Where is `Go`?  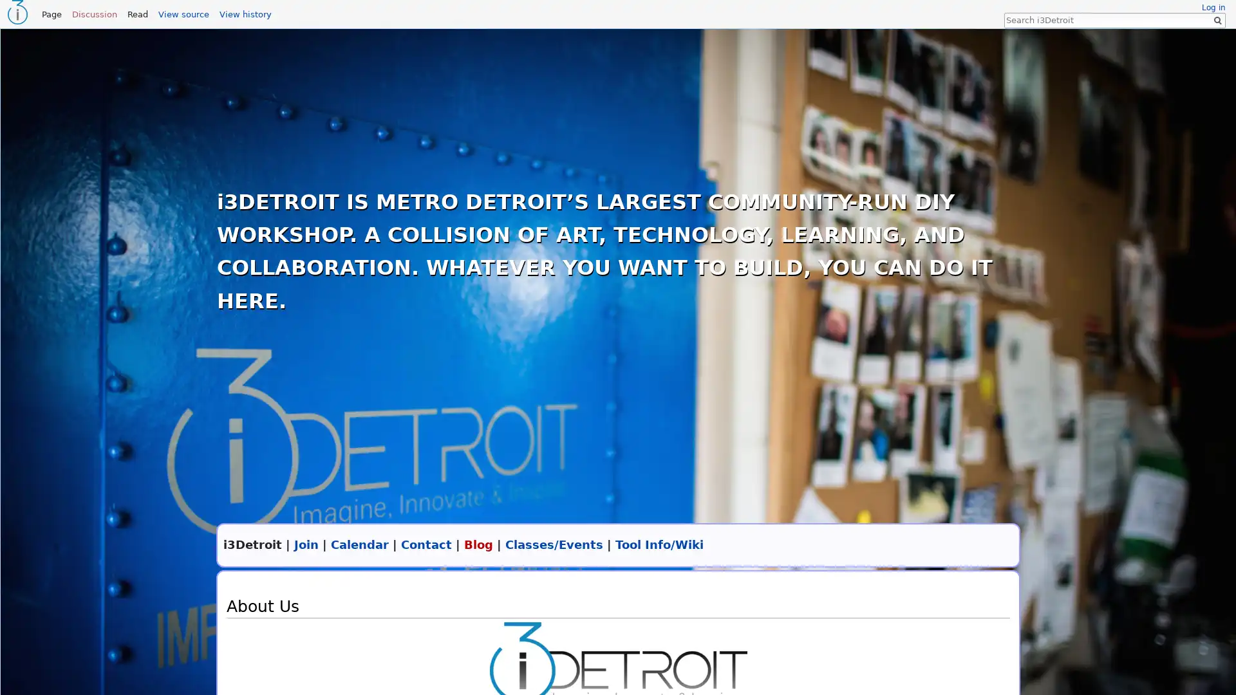 Go is located at coordinates (1217, 20).